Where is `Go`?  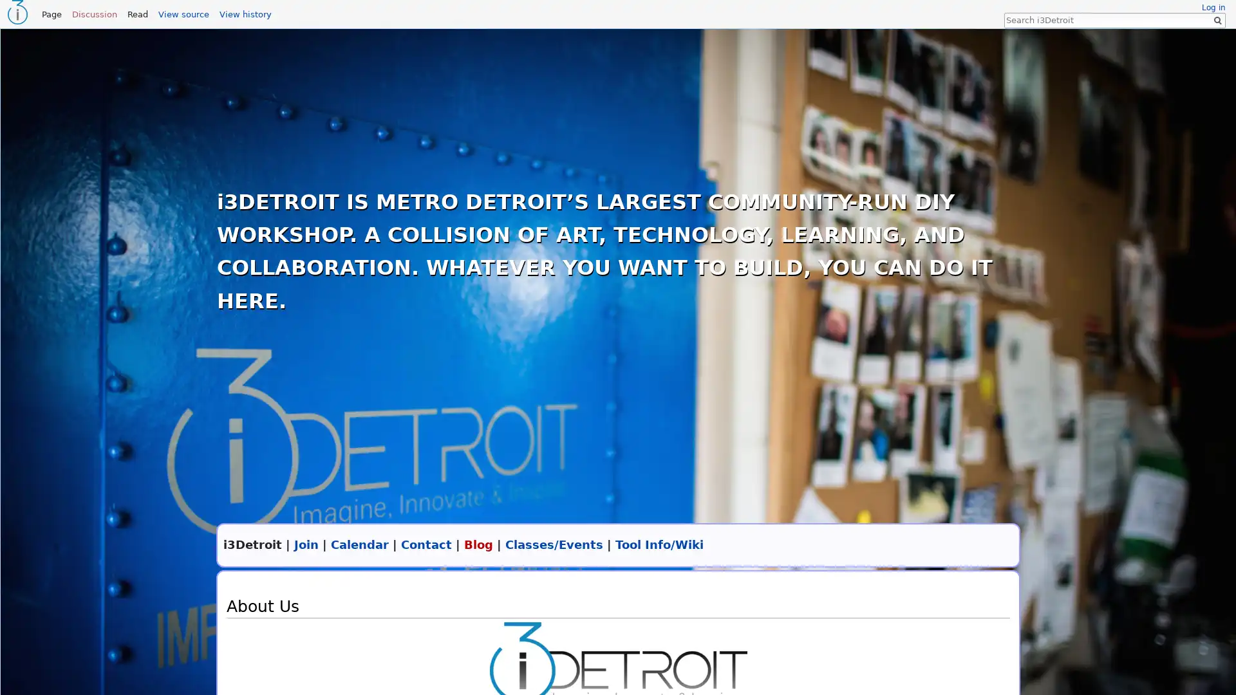 Go is located at coordinates (1217, 20).